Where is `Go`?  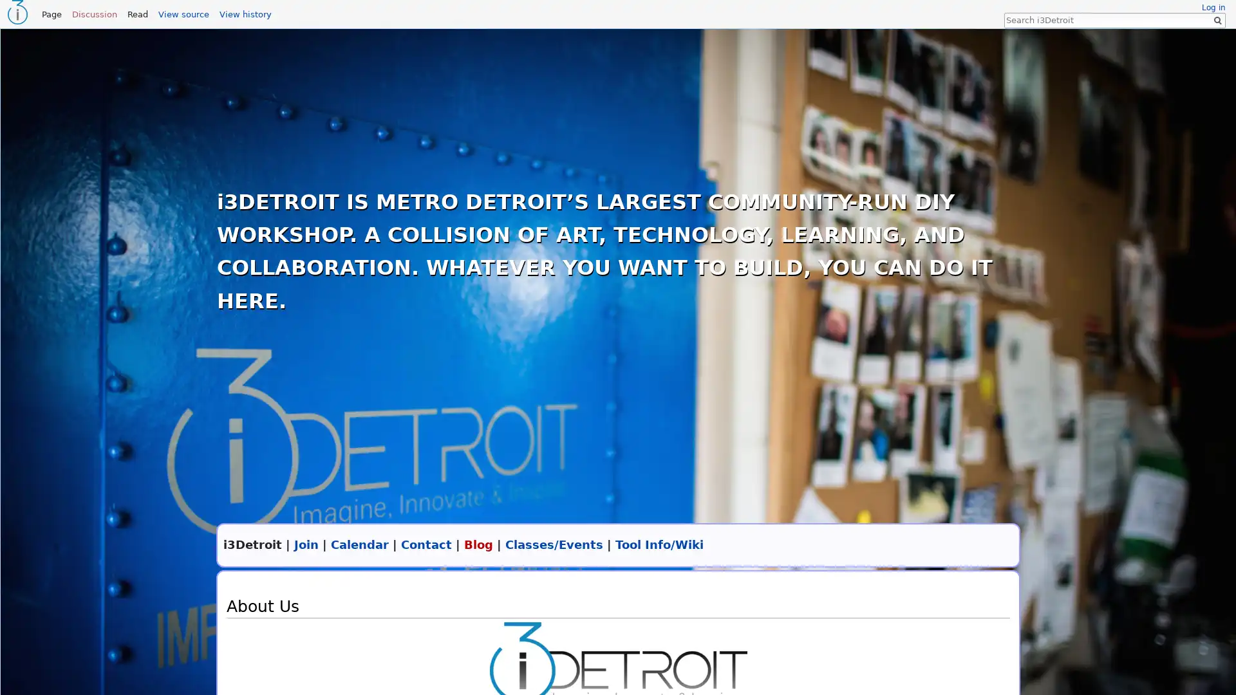 Go is located at coordinates (1217, 20).